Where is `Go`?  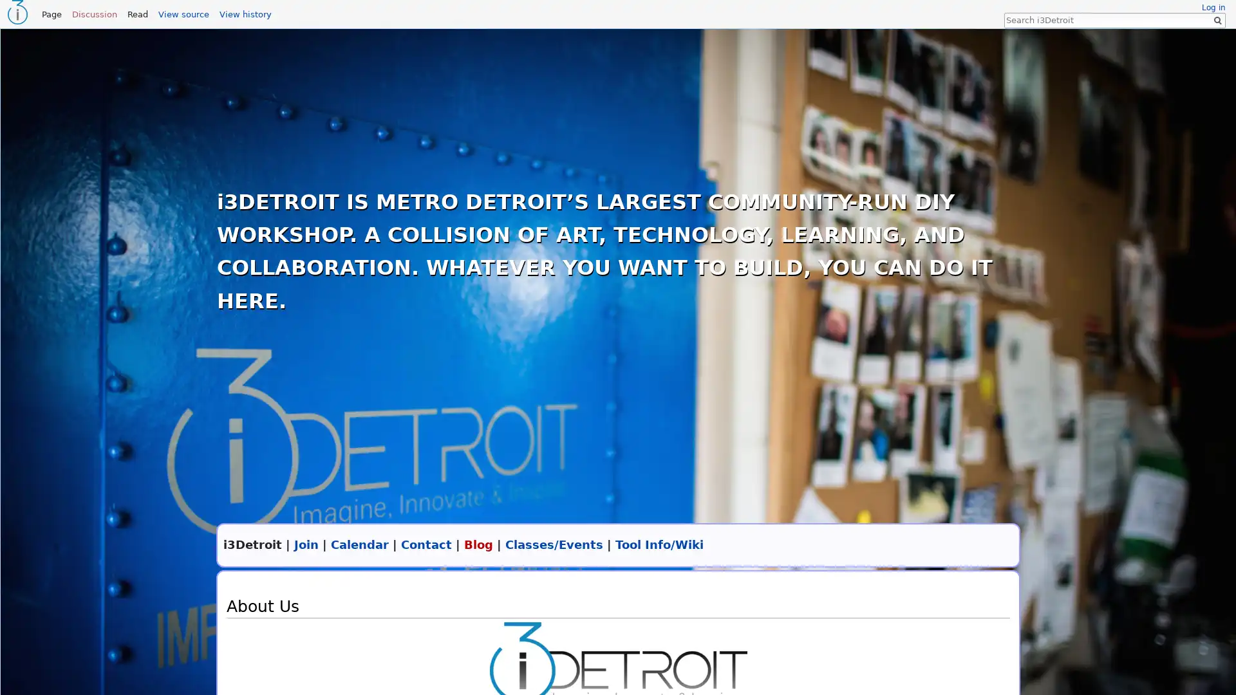 Go is located at coordinates (1217, 20).